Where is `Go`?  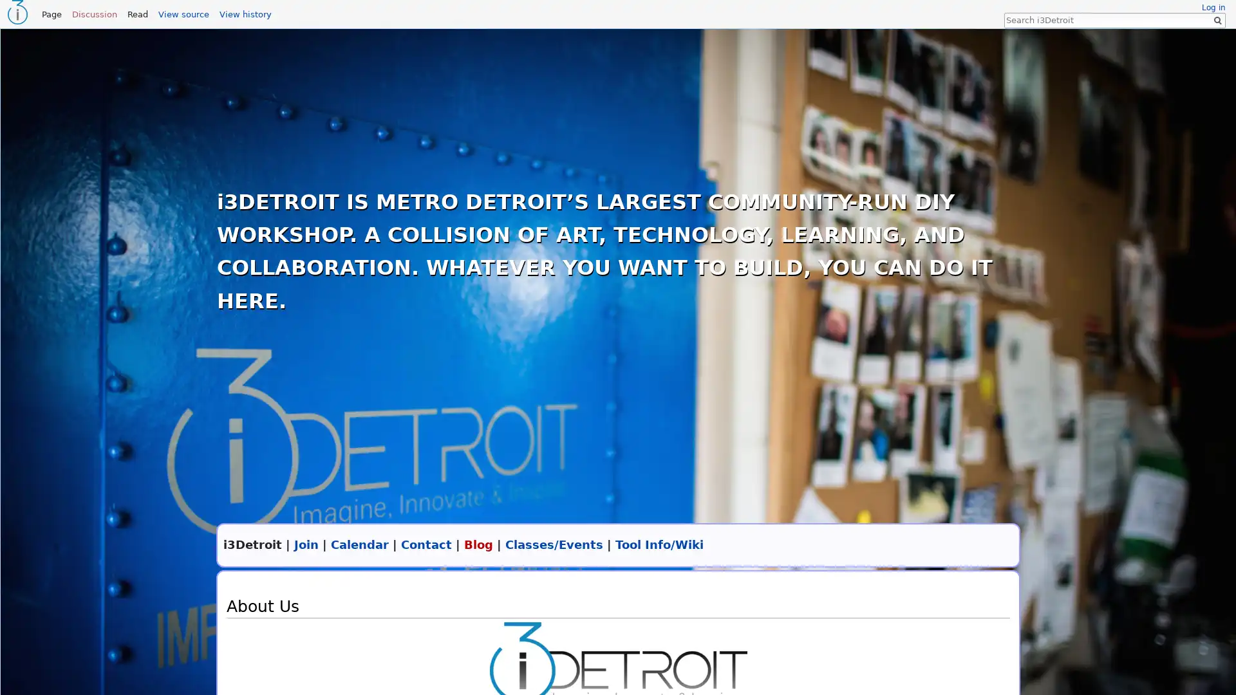 Go is located at coordinates (1217, 20).